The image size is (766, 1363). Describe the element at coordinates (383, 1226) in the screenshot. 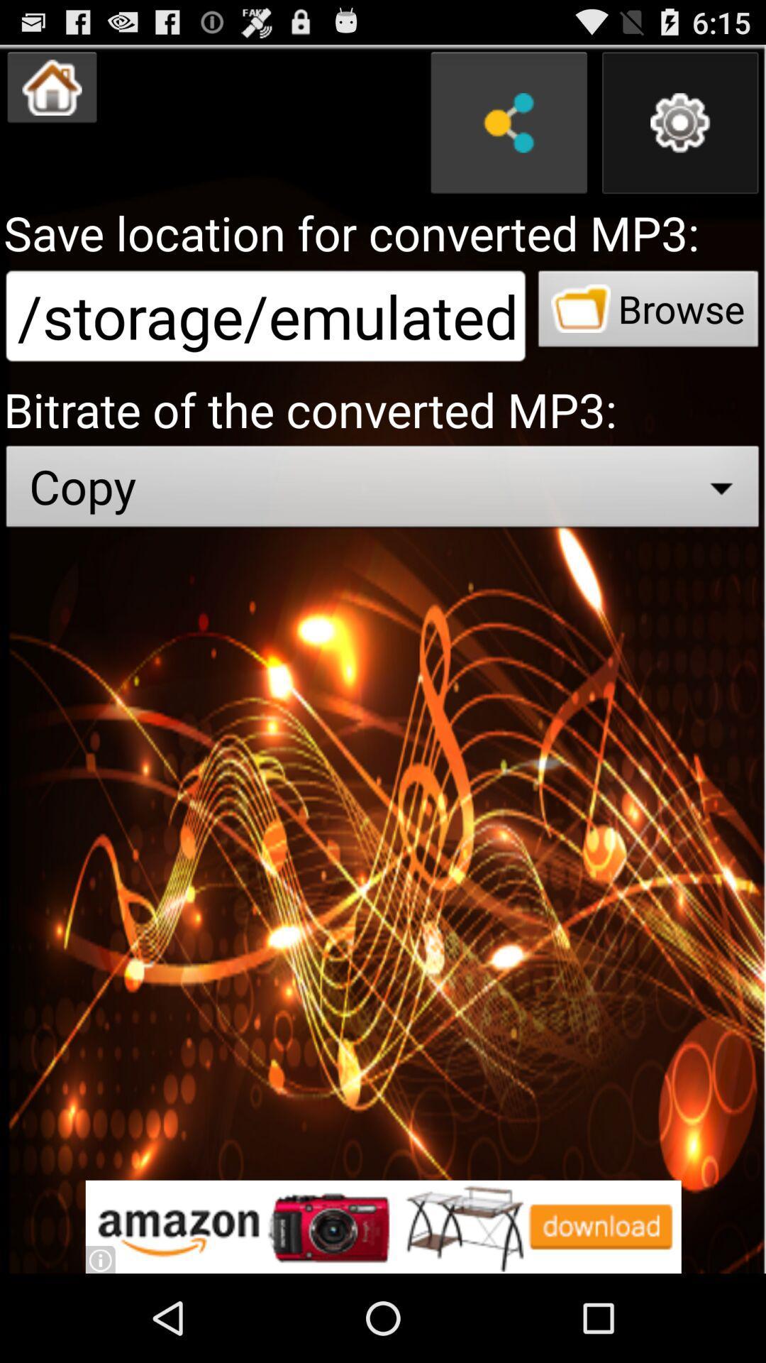

I see `advertisement` at that location.